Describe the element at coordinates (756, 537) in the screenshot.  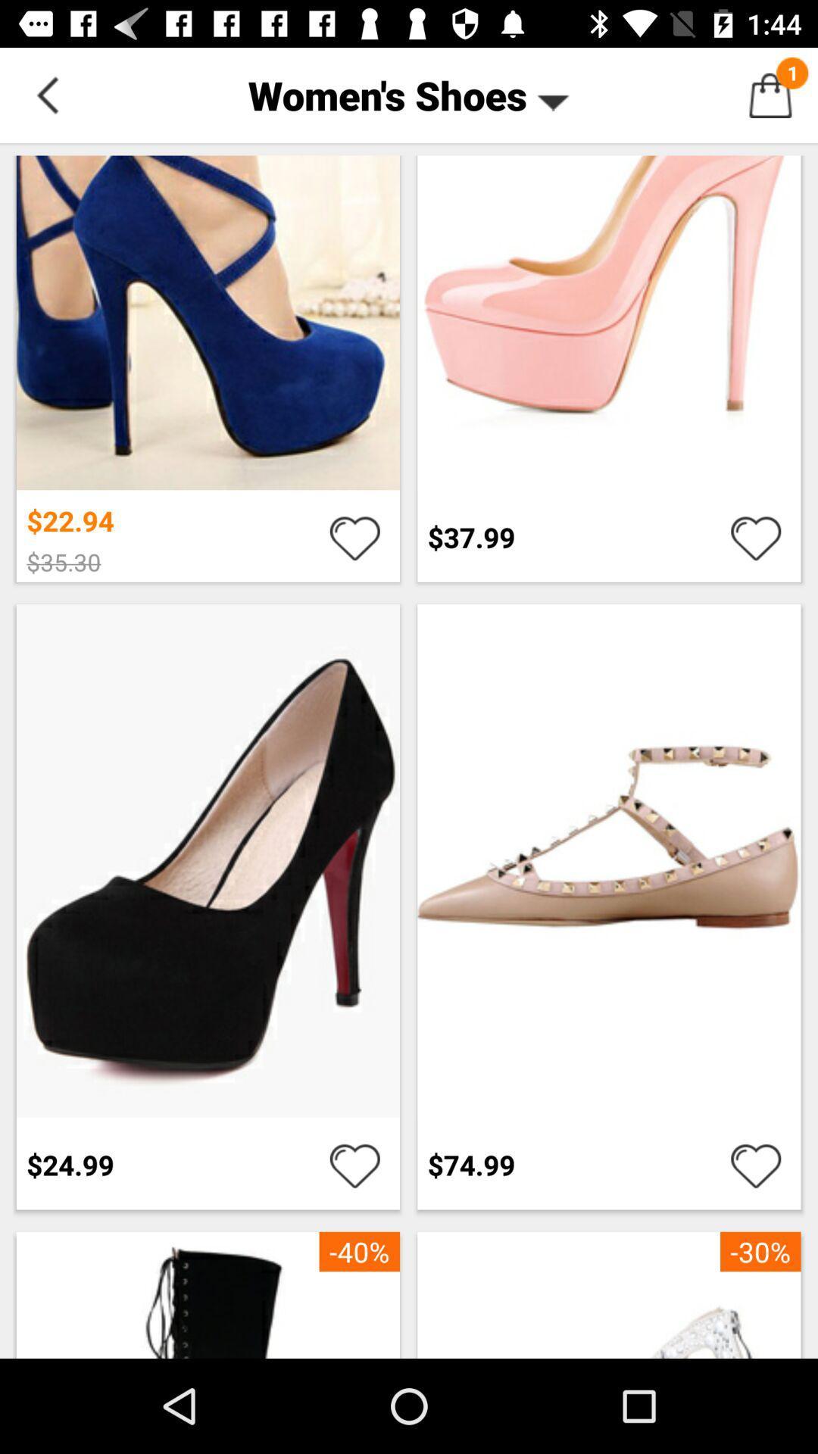
I see `shows favourite icon` at that location.